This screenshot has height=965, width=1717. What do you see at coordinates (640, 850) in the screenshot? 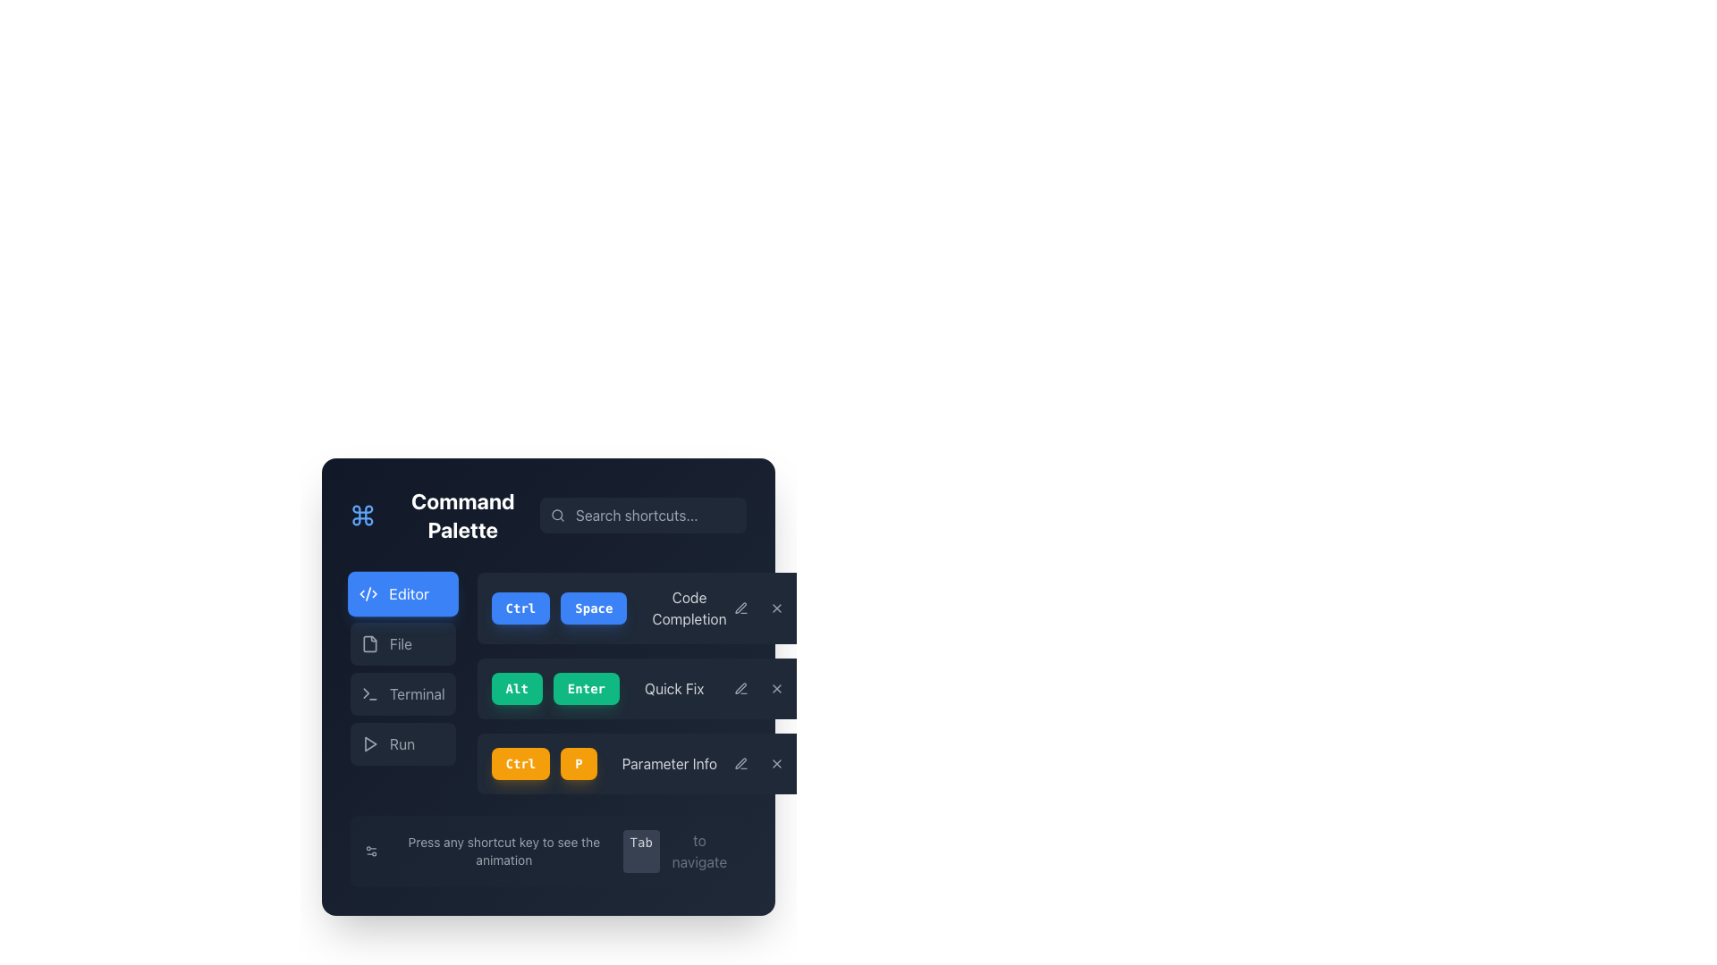
I see `the text label styled as a button that displays the word 'Tab' to interpret it as a keyboard key reference` at bounding box center [640, 850].